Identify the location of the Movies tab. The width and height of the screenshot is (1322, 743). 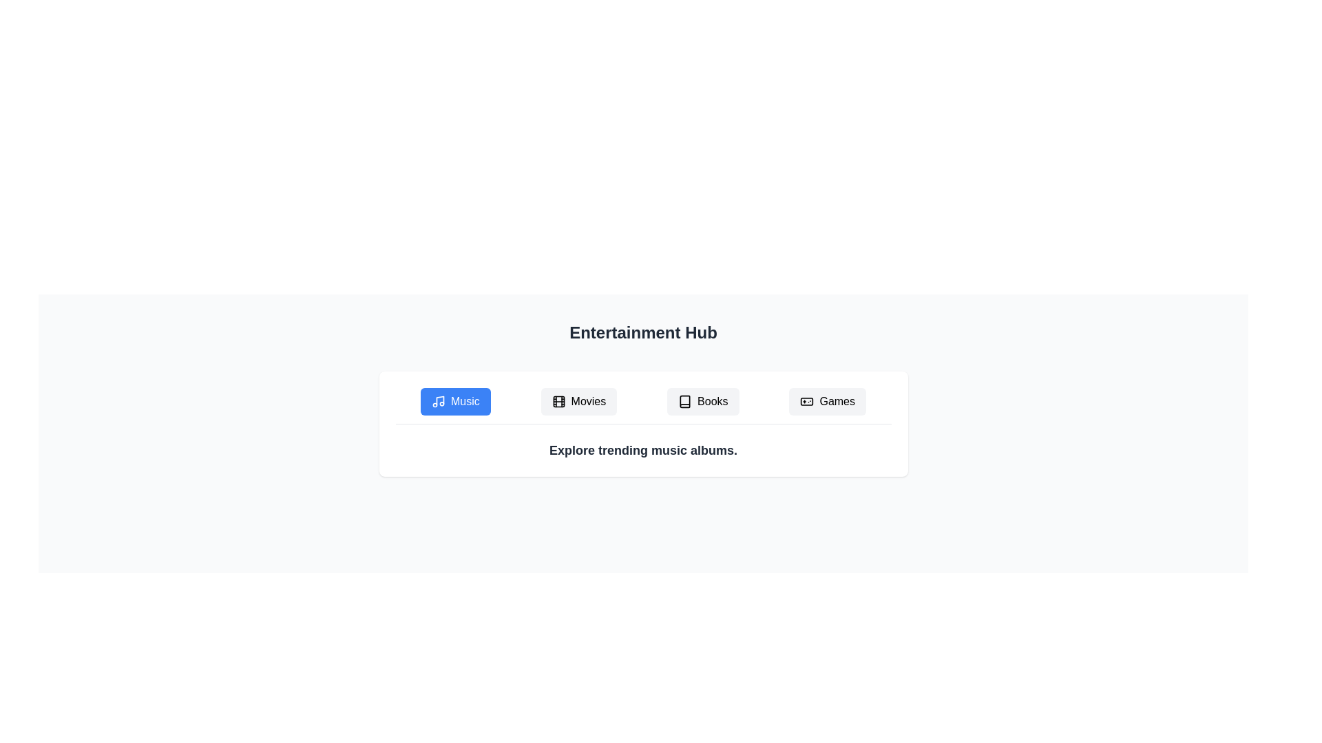
(578, 401).